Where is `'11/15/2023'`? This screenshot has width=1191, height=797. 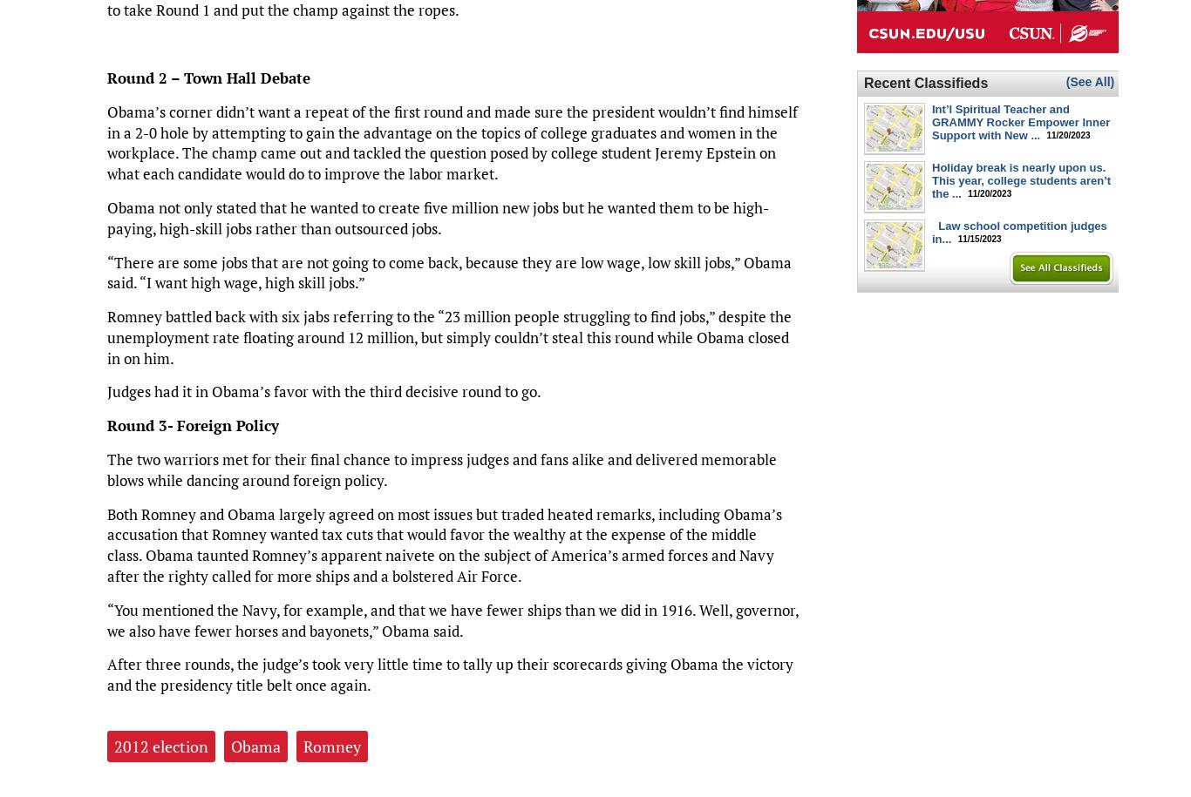
'11/15/2023' is located at coordinates (956, 237).